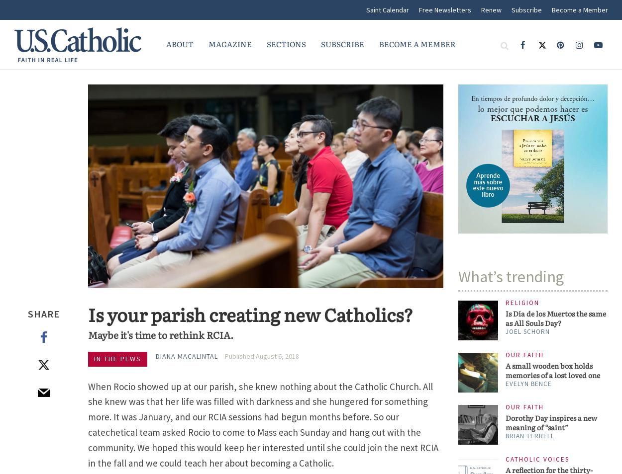 The width and height of the screenshot is (622, 474). What do you see at coordinates (529, 436) in the screenshot?
I see `'Brian Terrell'` at bounding box center [529, 436].